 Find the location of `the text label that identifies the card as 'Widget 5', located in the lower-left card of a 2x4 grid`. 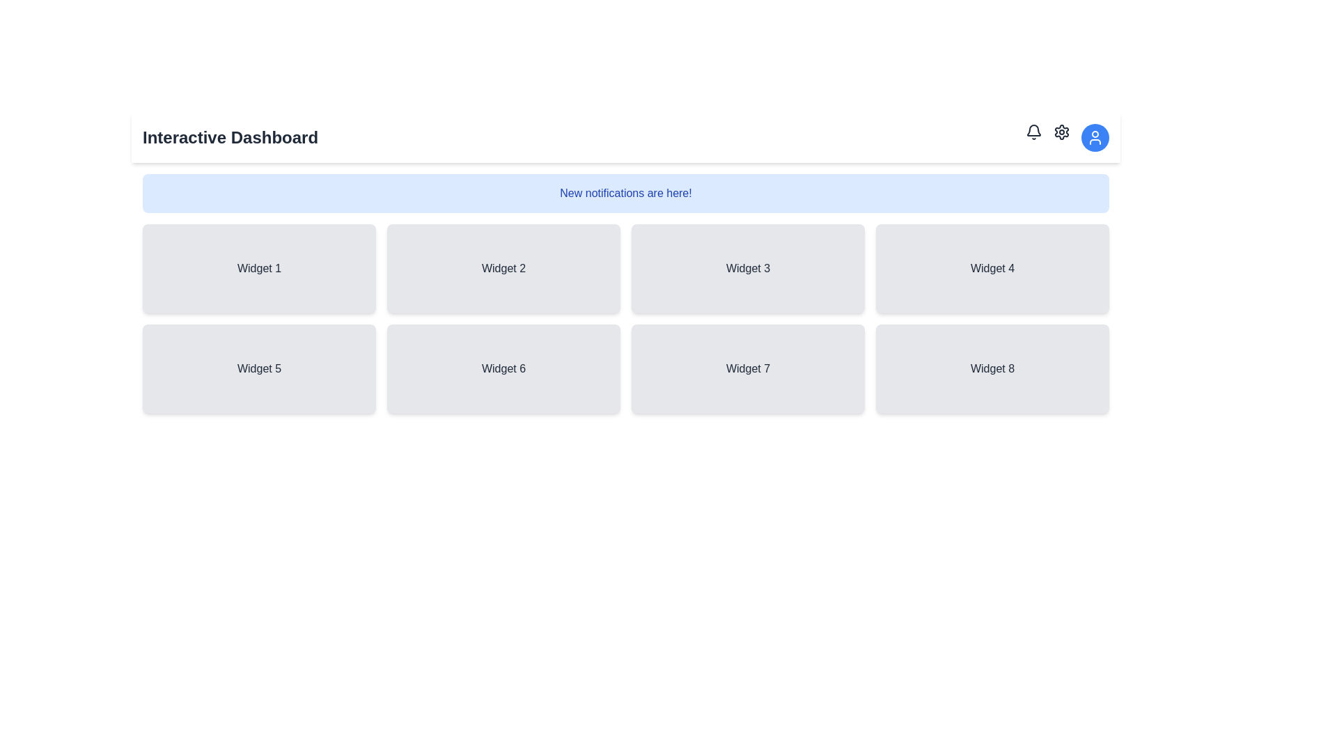

the text label that identifies the card as 'Widget 5', located in the lower-left card of a 2x4 grid is located at coordinates (259, 368).